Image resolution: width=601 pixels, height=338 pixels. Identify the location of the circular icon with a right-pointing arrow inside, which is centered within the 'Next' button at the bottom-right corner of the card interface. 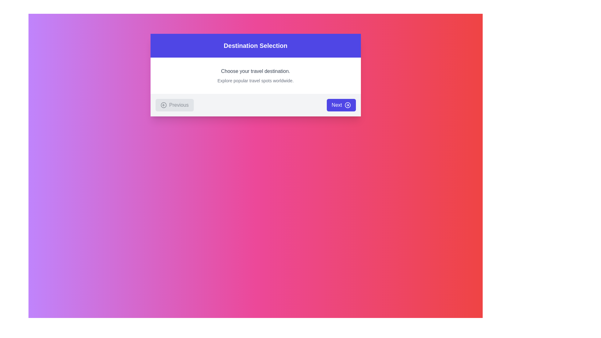
(347, 105).